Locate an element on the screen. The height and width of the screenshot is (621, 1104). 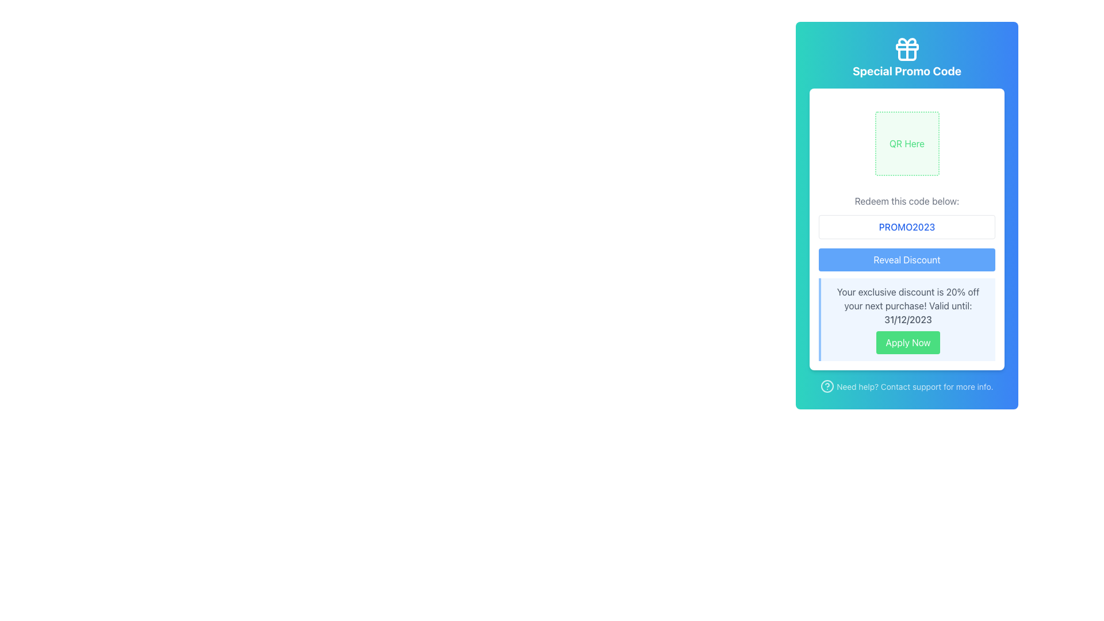
the static placeholder or display area for the QR code, located above the text field labeled 'Redeem this code below:' and the promotional code 'PROMO2023' is located at coordinates (906, 143).